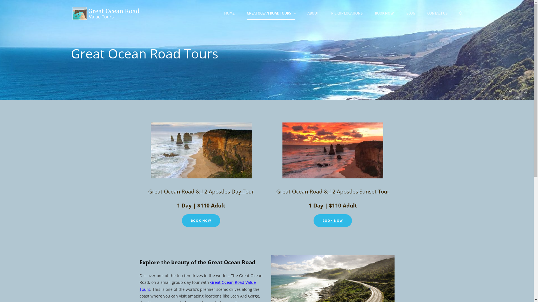 This screenshot has width=538, height=302. What do you see at coordinates (201, 220) in the screenshot?
I see `'BOOK NOW'` at bounding box center [201, 220].